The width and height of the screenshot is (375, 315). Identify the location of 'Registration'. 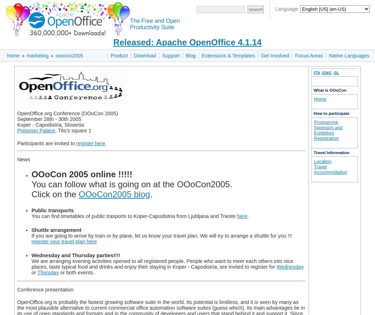
(326, 137).